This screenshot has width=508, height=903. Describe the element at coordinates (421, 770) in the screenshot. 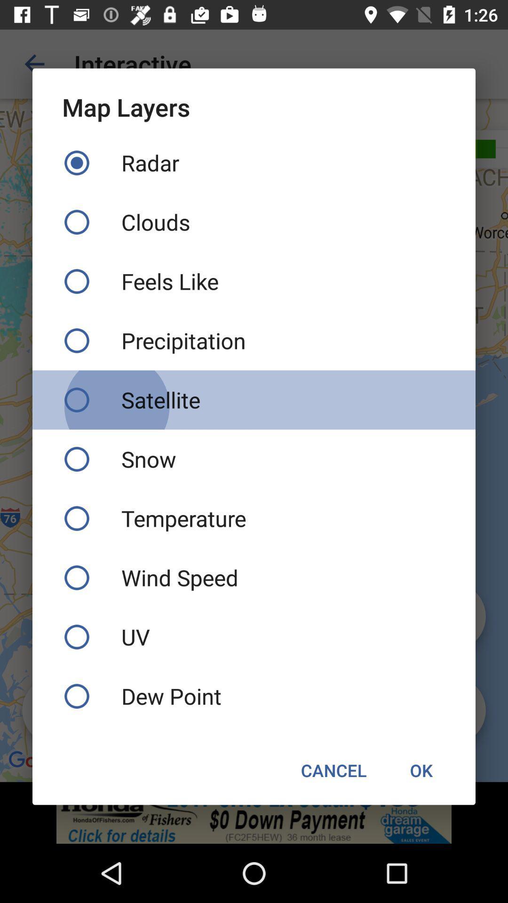

I see `item at the bottom right corner` at that location.